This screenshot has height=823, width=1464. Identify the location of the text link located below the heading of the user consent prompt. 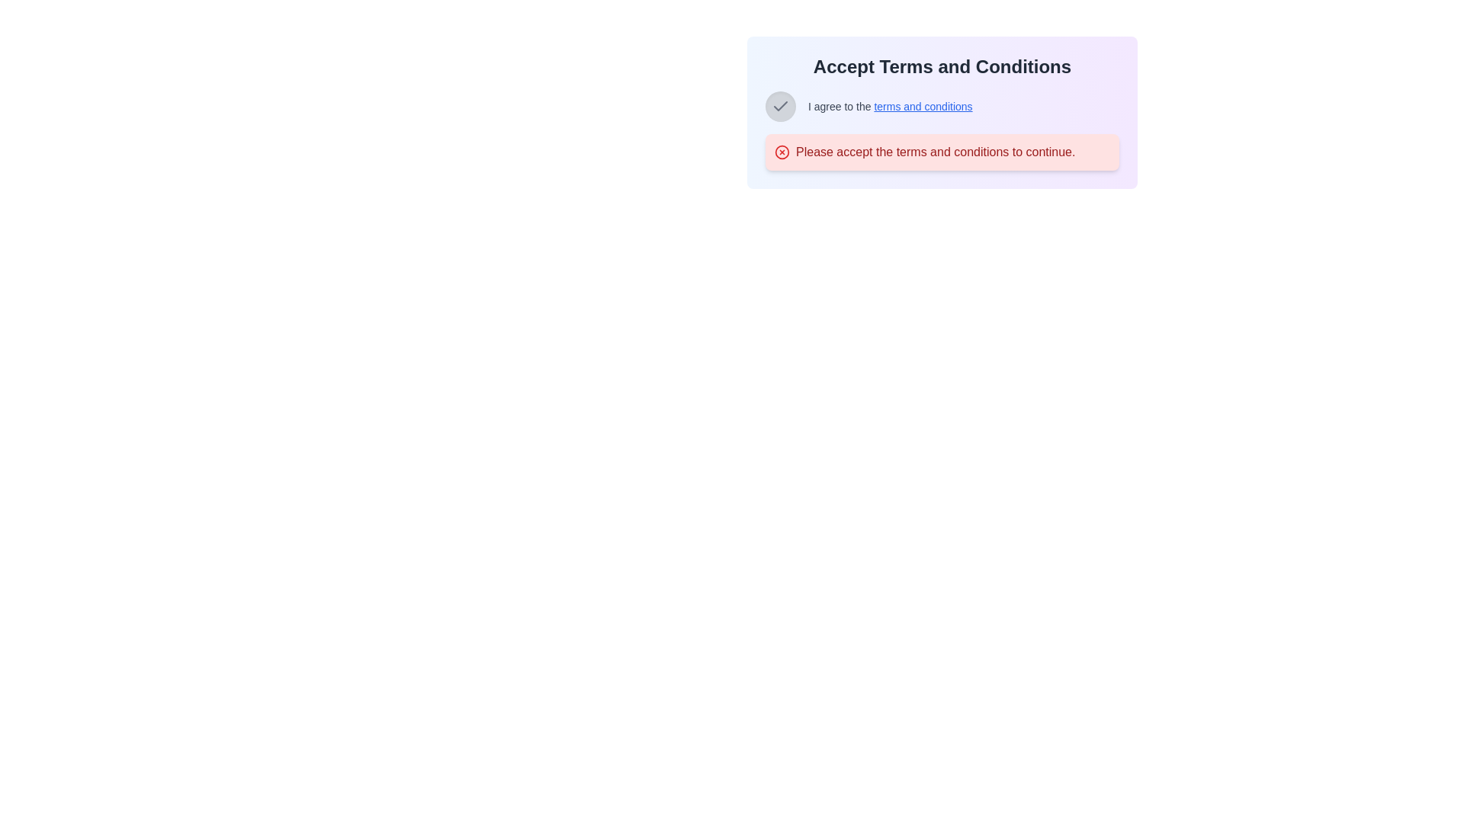
(942, 111).